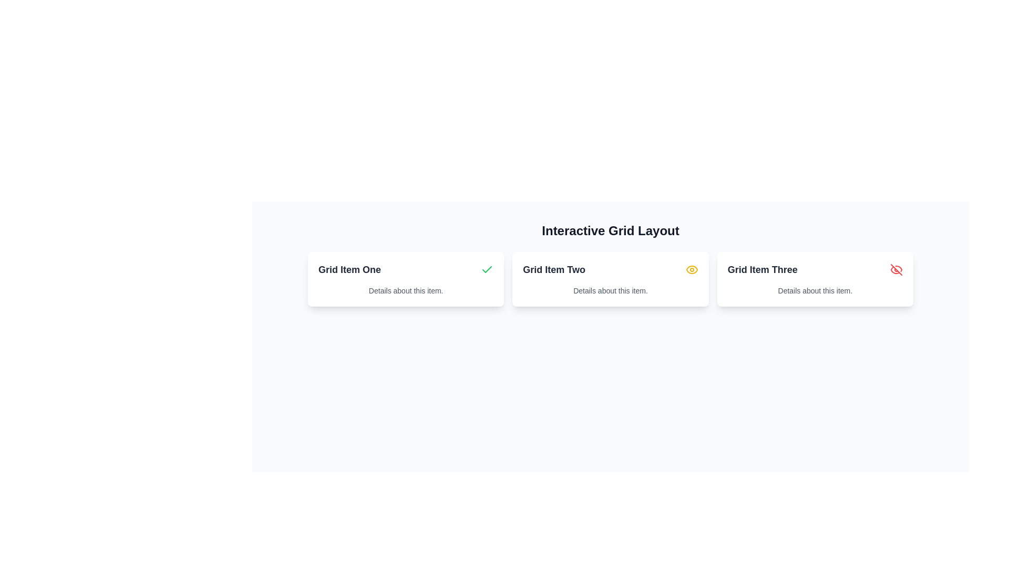 The image size is (1009, 567). I want to click on the static text label displaying 'Details about this item.' which is located at the bottom area of the 'Grid Item Two' card, so click(610, 291).